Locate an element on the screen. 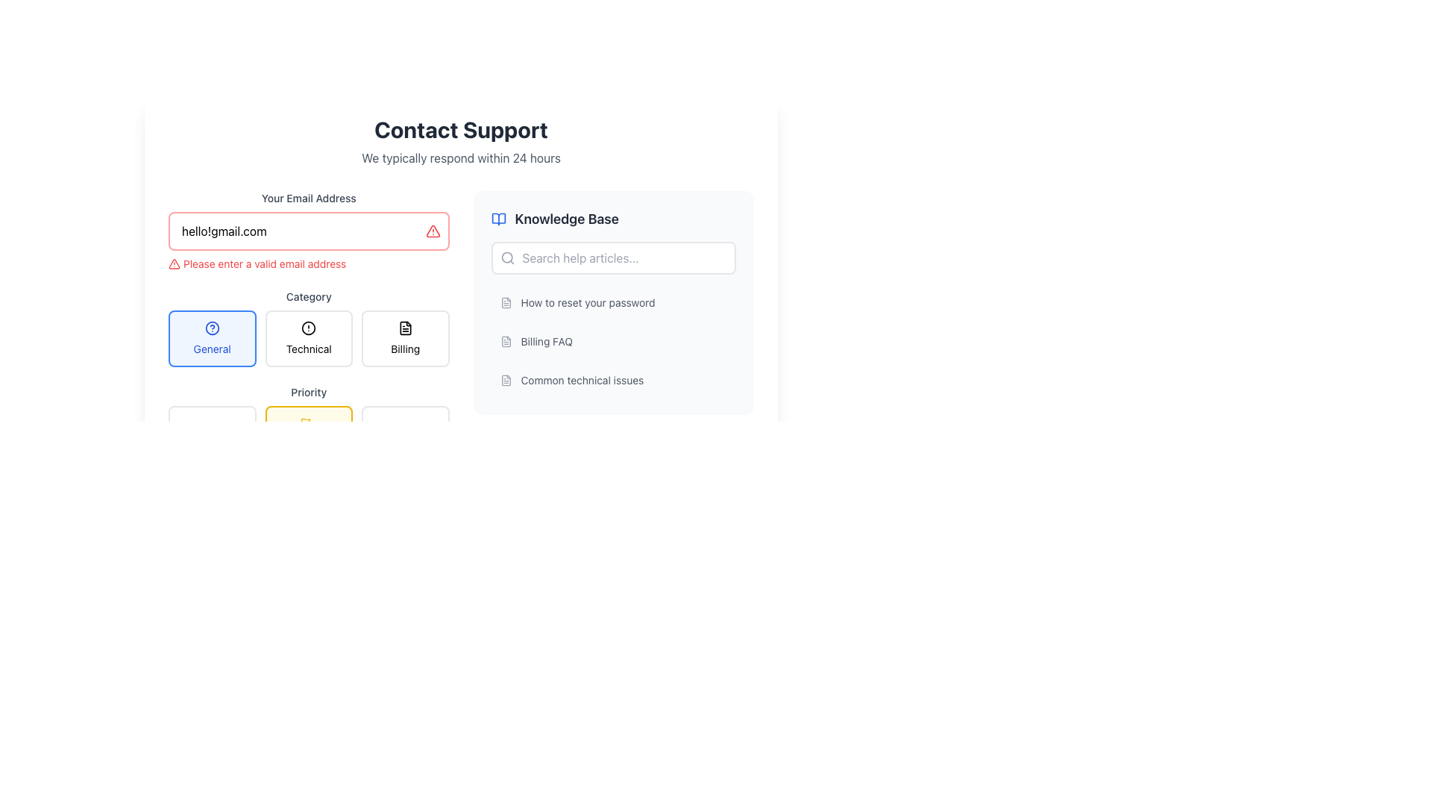 The image size is (1432, 806). the 'Billing FAQ' text label, which is a descriptive element in gray font located in the right-hand section of the interface, under the 'Knowledge Base' category is located at coordinates (546, 342).